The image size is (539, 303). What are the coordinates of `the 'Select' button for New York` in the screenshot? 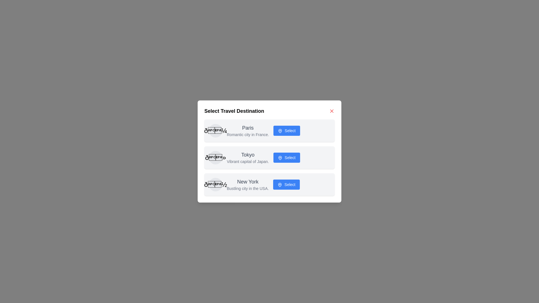 It's located at (287, 185).